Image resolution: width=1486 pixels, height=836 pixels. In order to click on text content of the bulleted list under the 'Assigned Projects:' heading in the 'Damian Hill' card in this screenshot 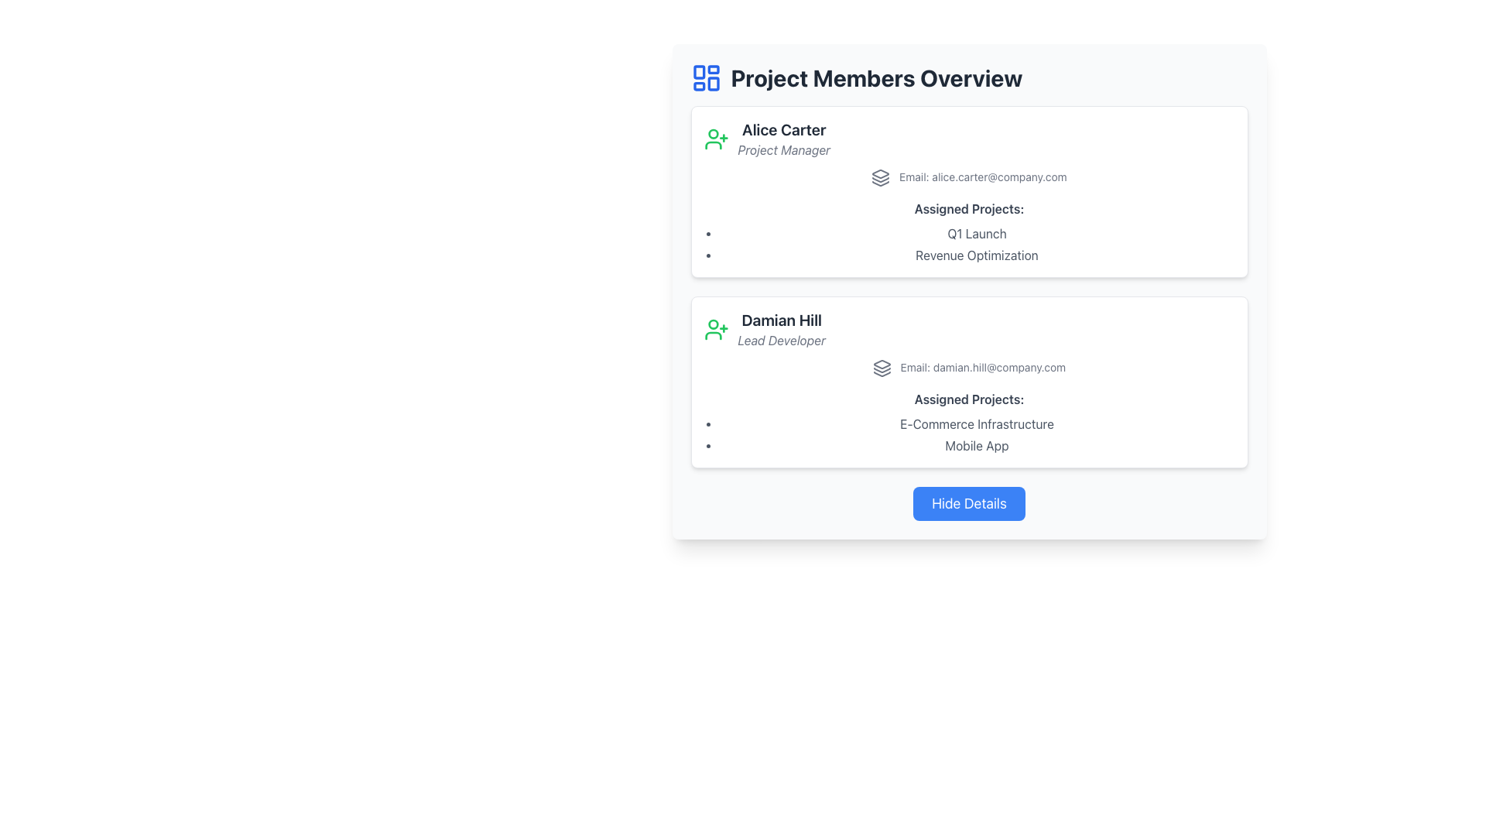, I will do `click(976, 435)`.